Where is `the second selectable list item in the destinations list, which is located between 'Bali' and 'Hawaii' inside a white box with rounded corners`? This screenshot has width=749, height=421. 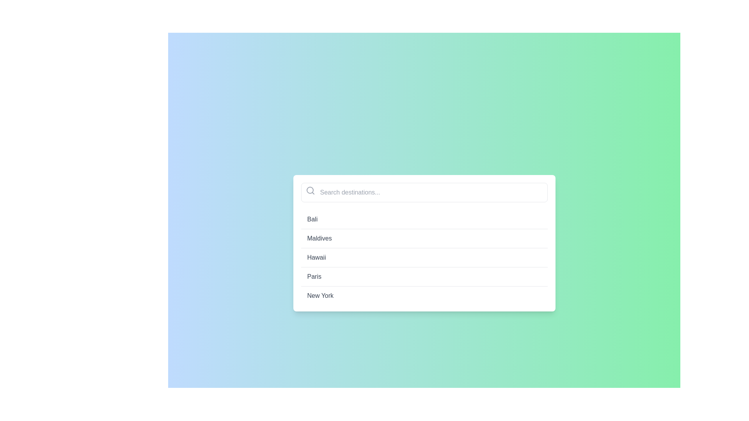
the second selectable list item in the destinations list, which is located between 'Bali' and 'Hawaii' inside a white box with rounded corners is located at coordinates (424, 243).